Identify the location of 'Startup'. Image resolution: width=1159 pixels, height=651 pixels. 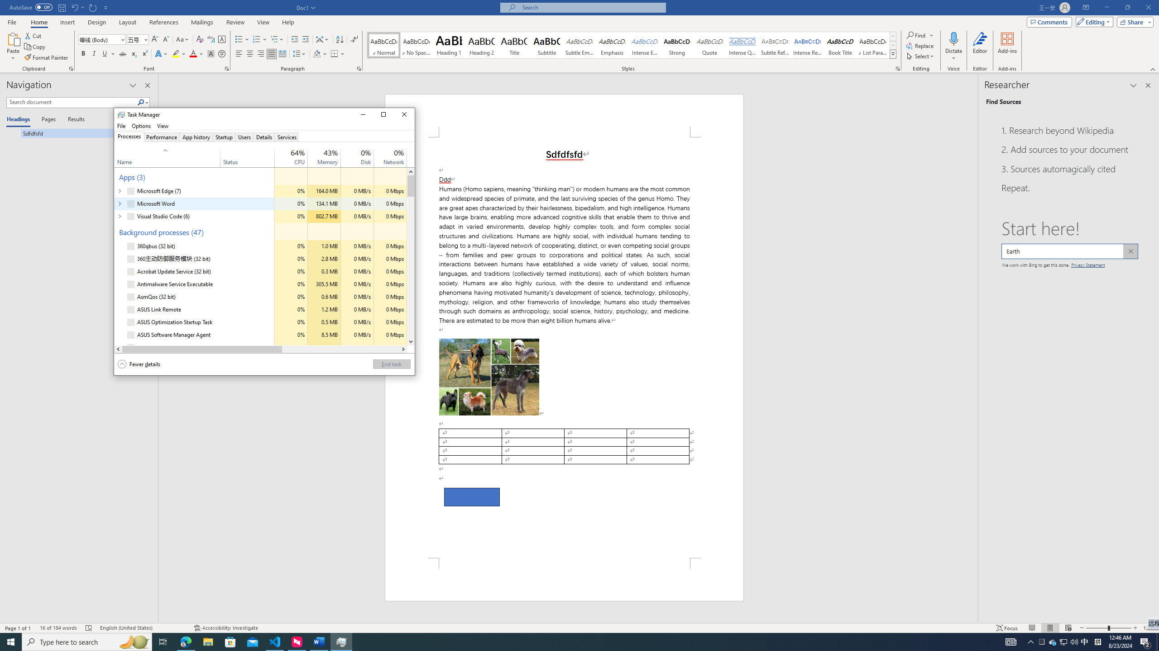
(224, 137).